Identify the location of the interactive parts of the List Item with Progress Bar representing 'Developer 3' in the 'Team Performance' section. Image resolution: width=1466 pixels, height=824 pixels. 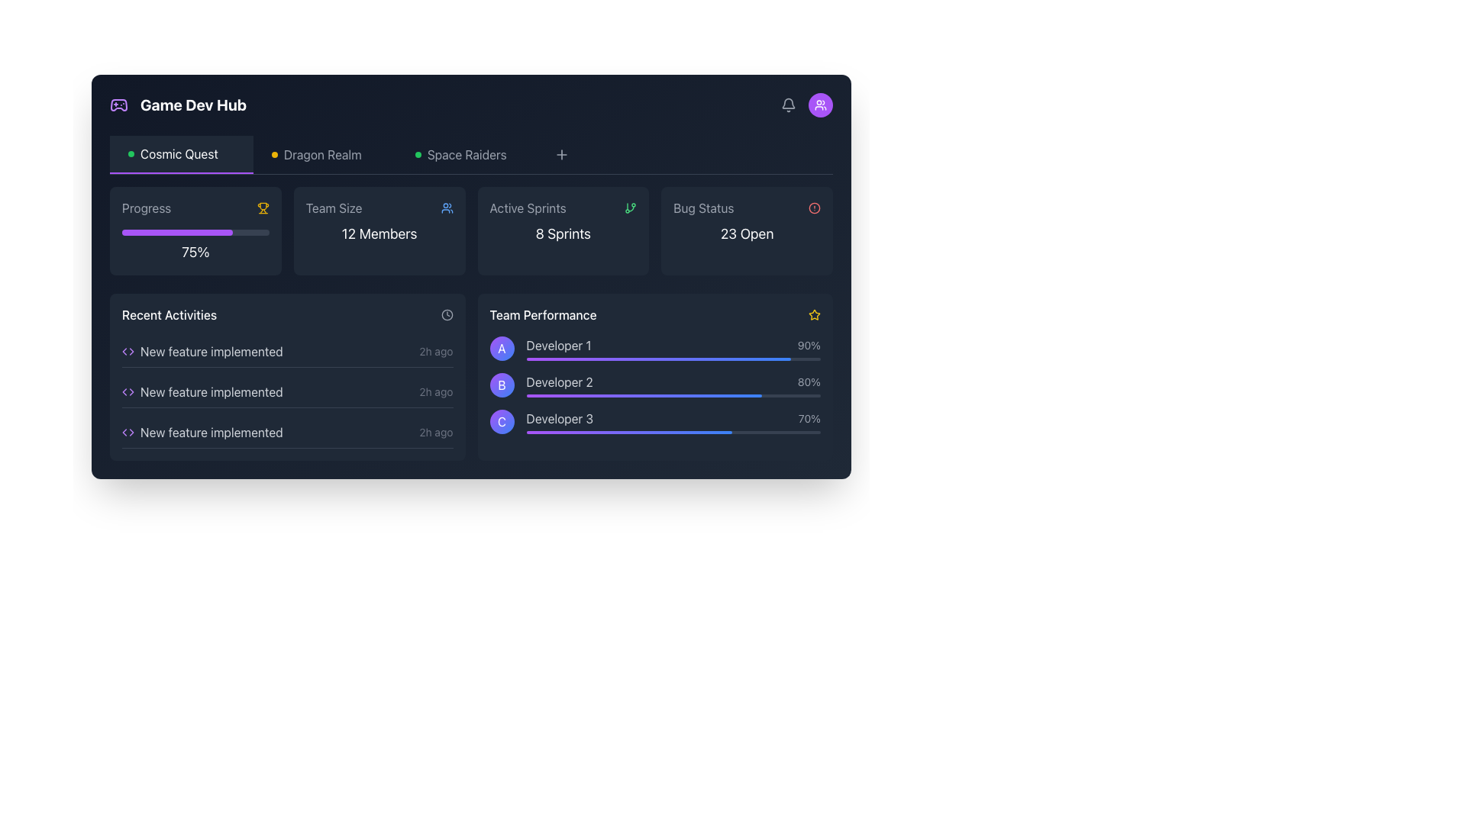
(655, 421).